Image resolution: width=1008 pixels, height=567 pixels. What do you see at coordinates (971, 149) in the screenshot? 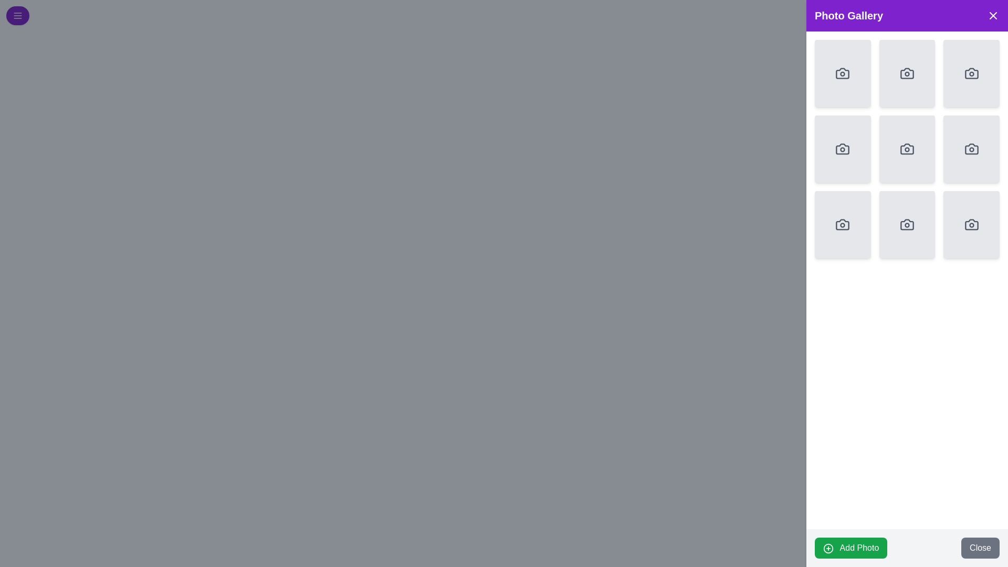
I see `the square light gray display box with rounded corners and a camera icon in the bottom-right corner of the 'Photo Gallery' panel` at bounding box center [971, 149].